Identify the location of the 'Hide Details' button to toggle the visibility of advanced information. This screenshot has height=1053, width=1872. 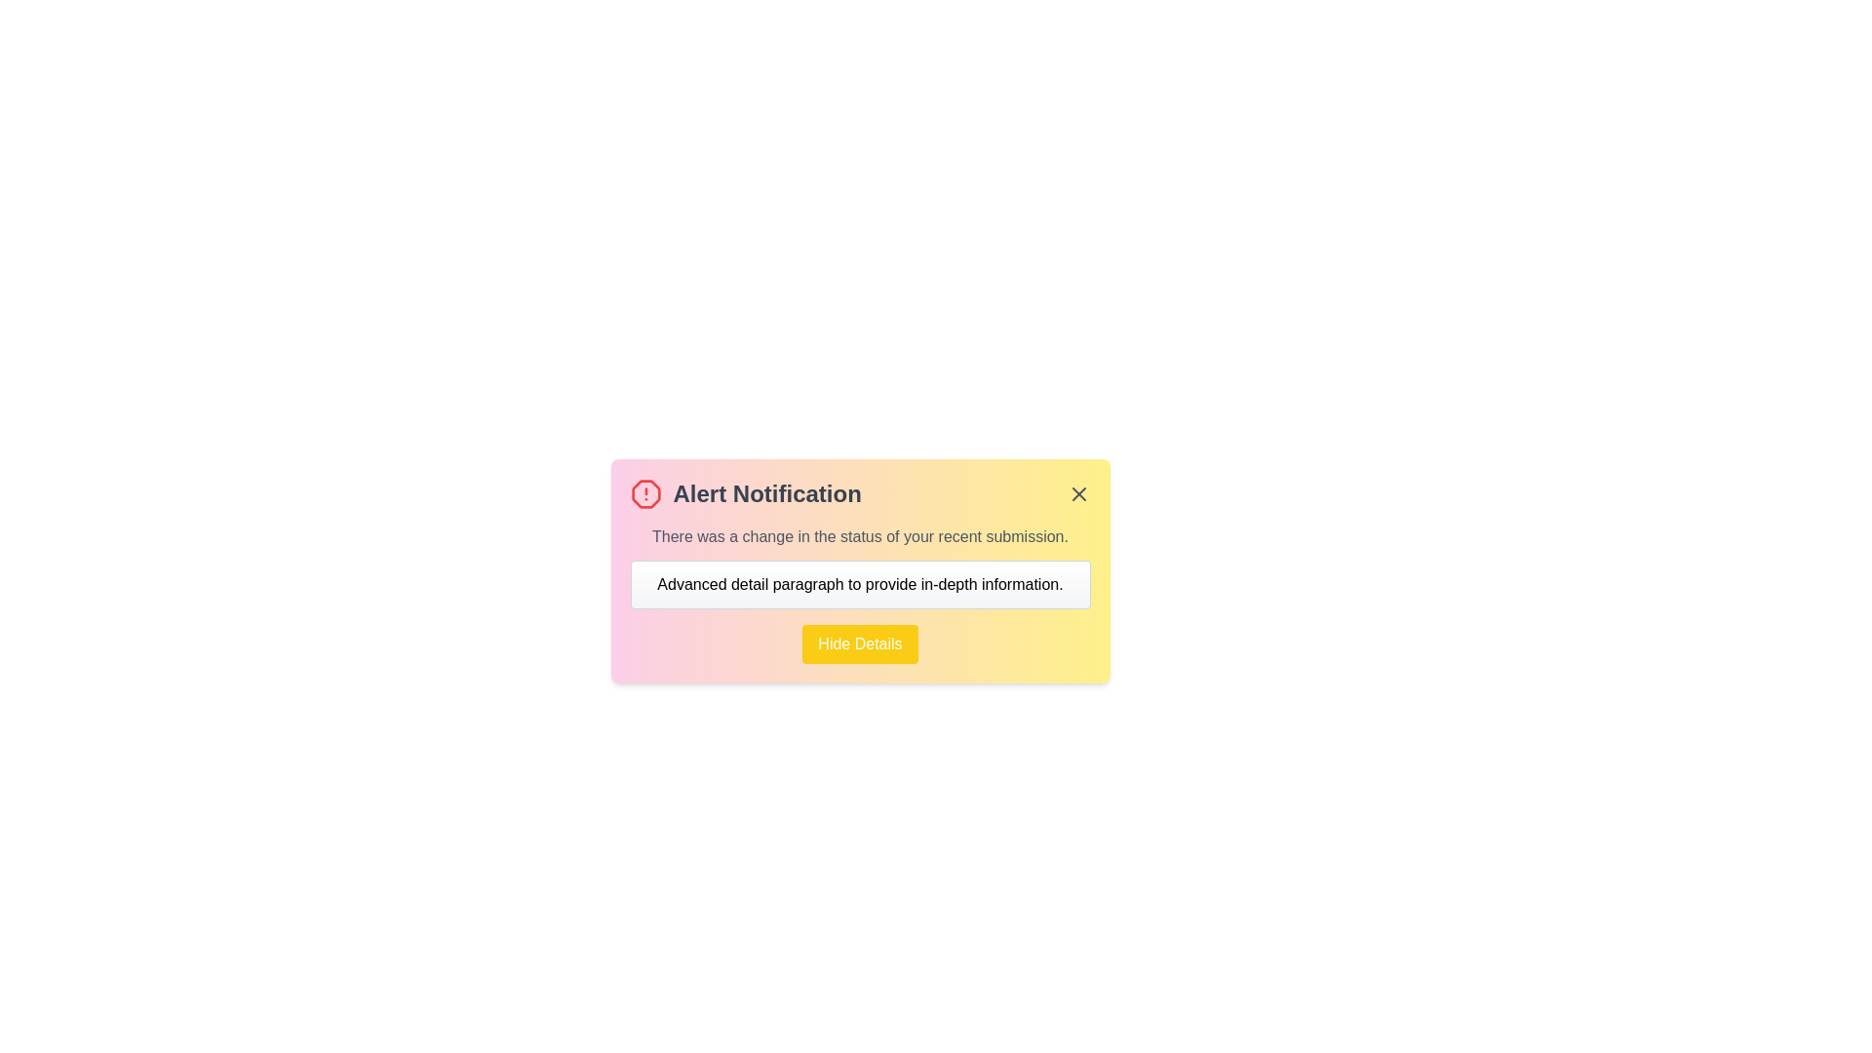
(859, 643).